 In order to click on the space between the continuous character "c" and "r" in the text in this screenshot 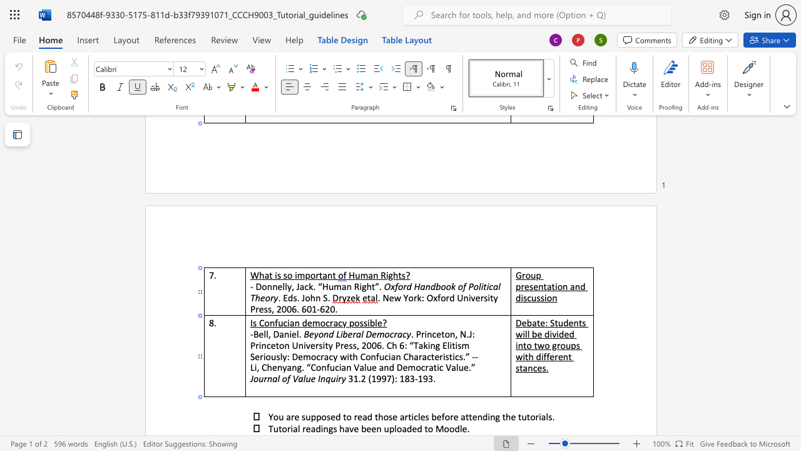, I will do `click(393, 333)`.